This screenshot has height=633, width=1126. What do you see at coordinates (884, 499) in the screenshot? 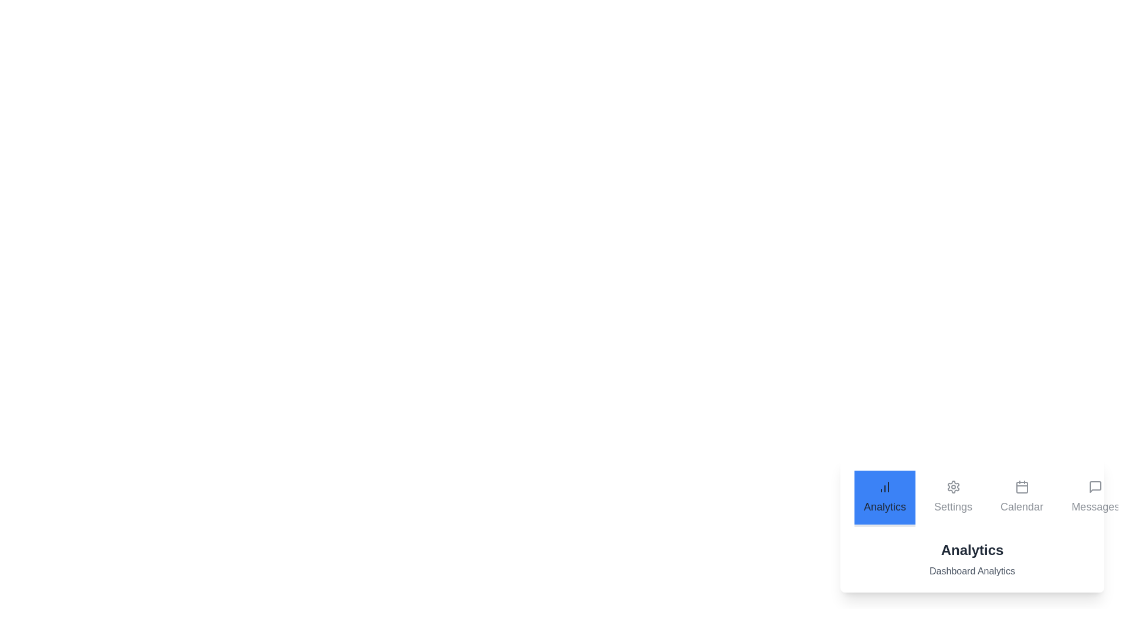
I see `the Analytics tab to observe its content` at bounding box center [884, 499].